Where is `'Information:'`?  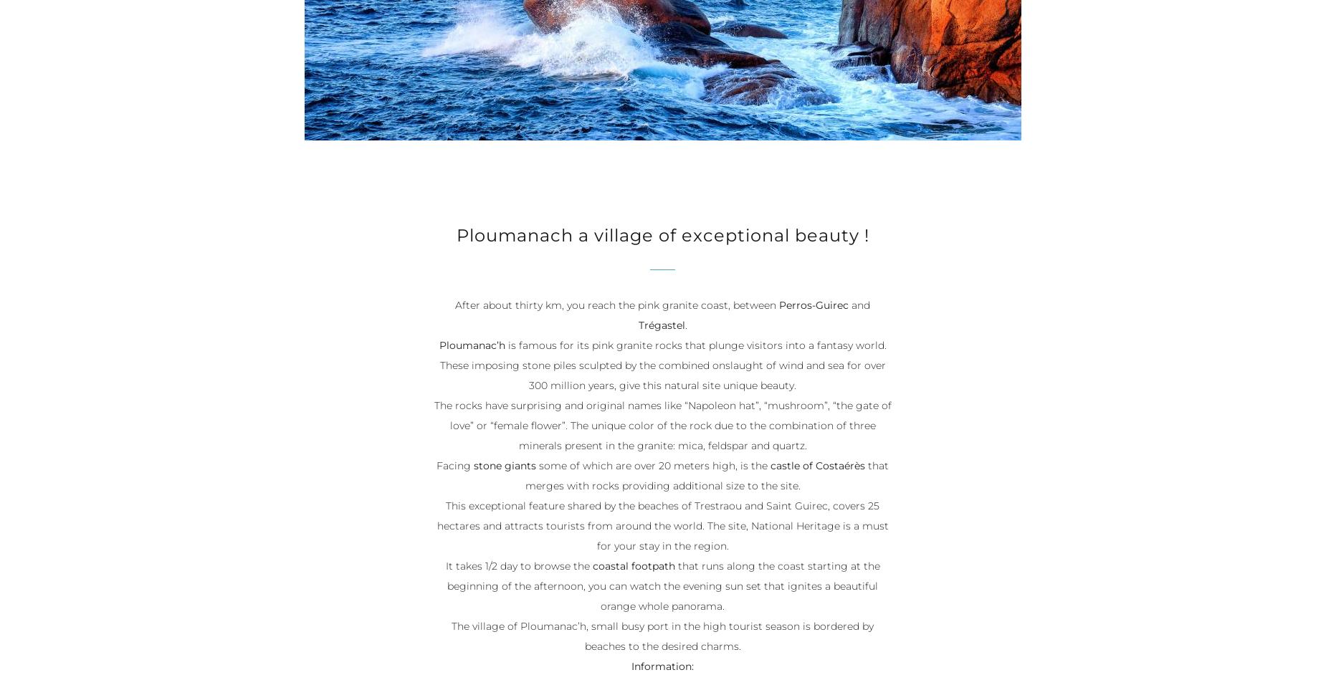
'Information:' is located at coordinates (662, 666).